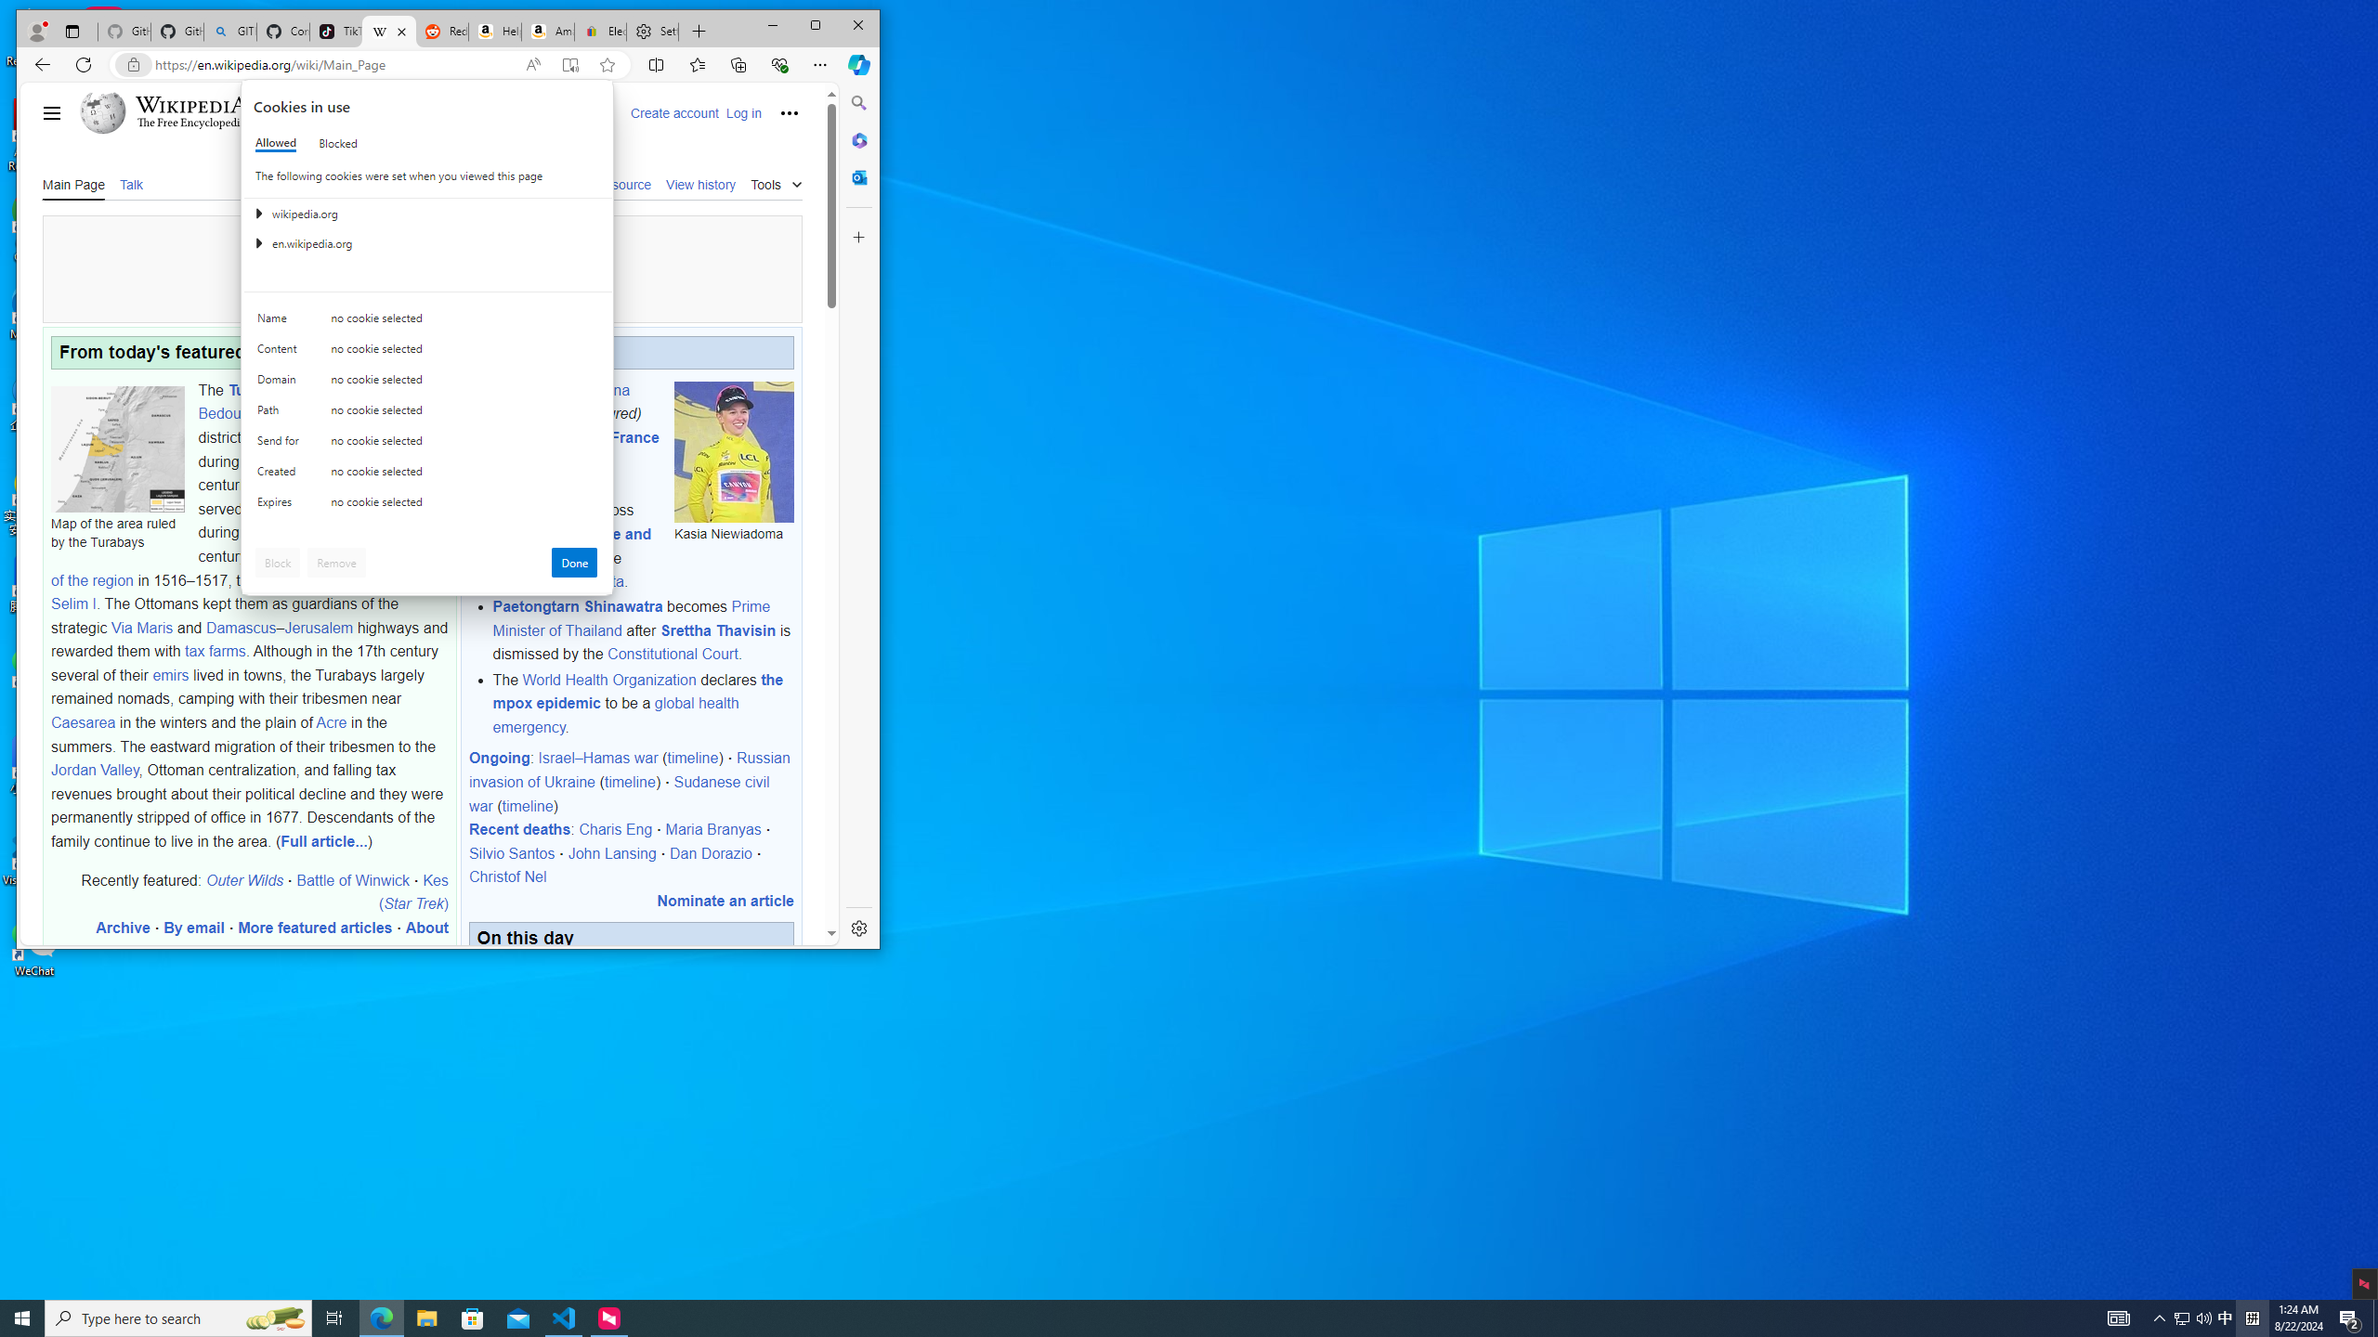 Image resolution: width=2378 pixels, height=1337 pixels. Describe the element at coordinates (2226, 1317) in the screenshot. I see `'Q2790: 100%'` at that location.